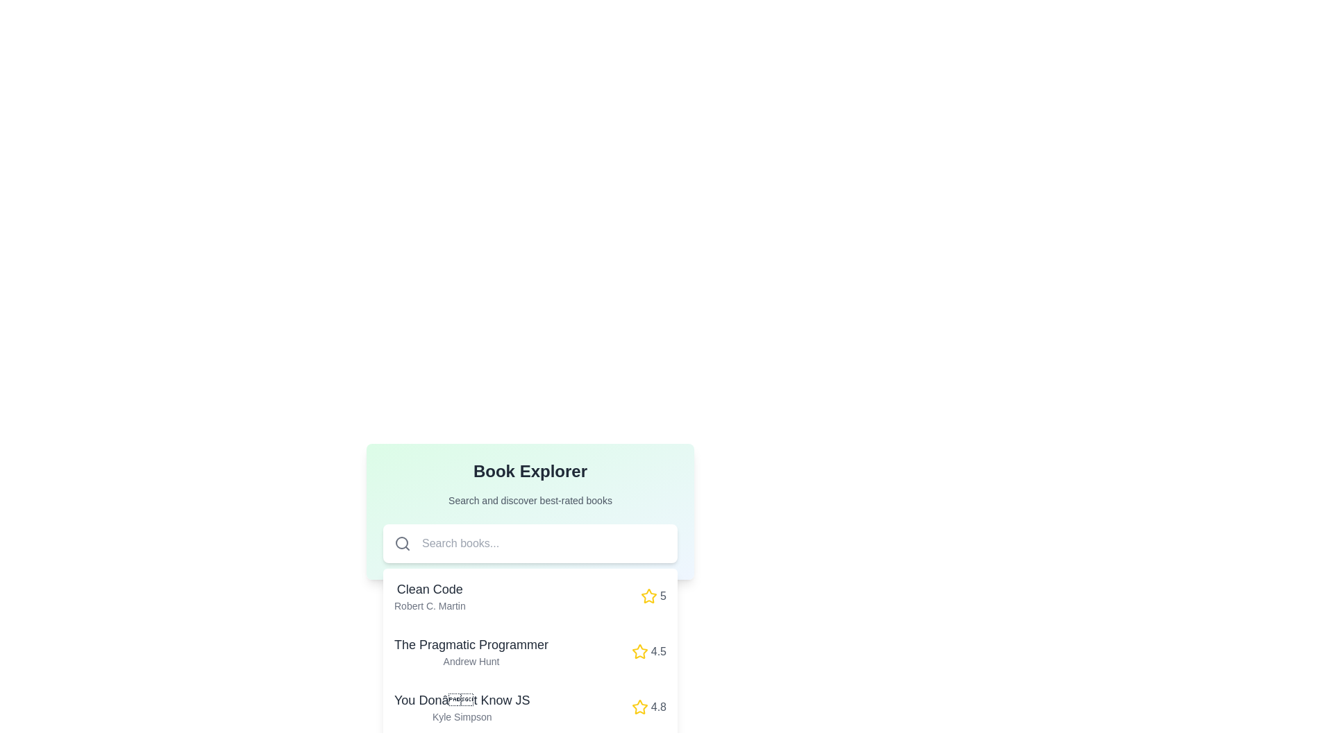 Image resolution: width=1333 pixels, height=749 pixels. What do you see at coordinates (648, 652) in the screenshot?
I see `the rating indicator for the book 'The Pragmatic Programmer', which displays the star icon and the rating text '4.5' located to the right of the row` at bounding box center [648, 652].